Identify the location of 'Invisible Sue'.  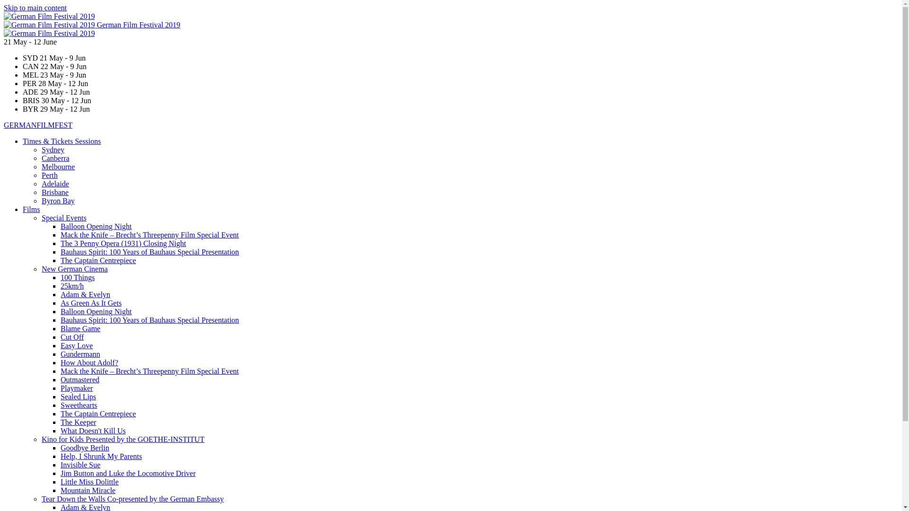
(80, 464).